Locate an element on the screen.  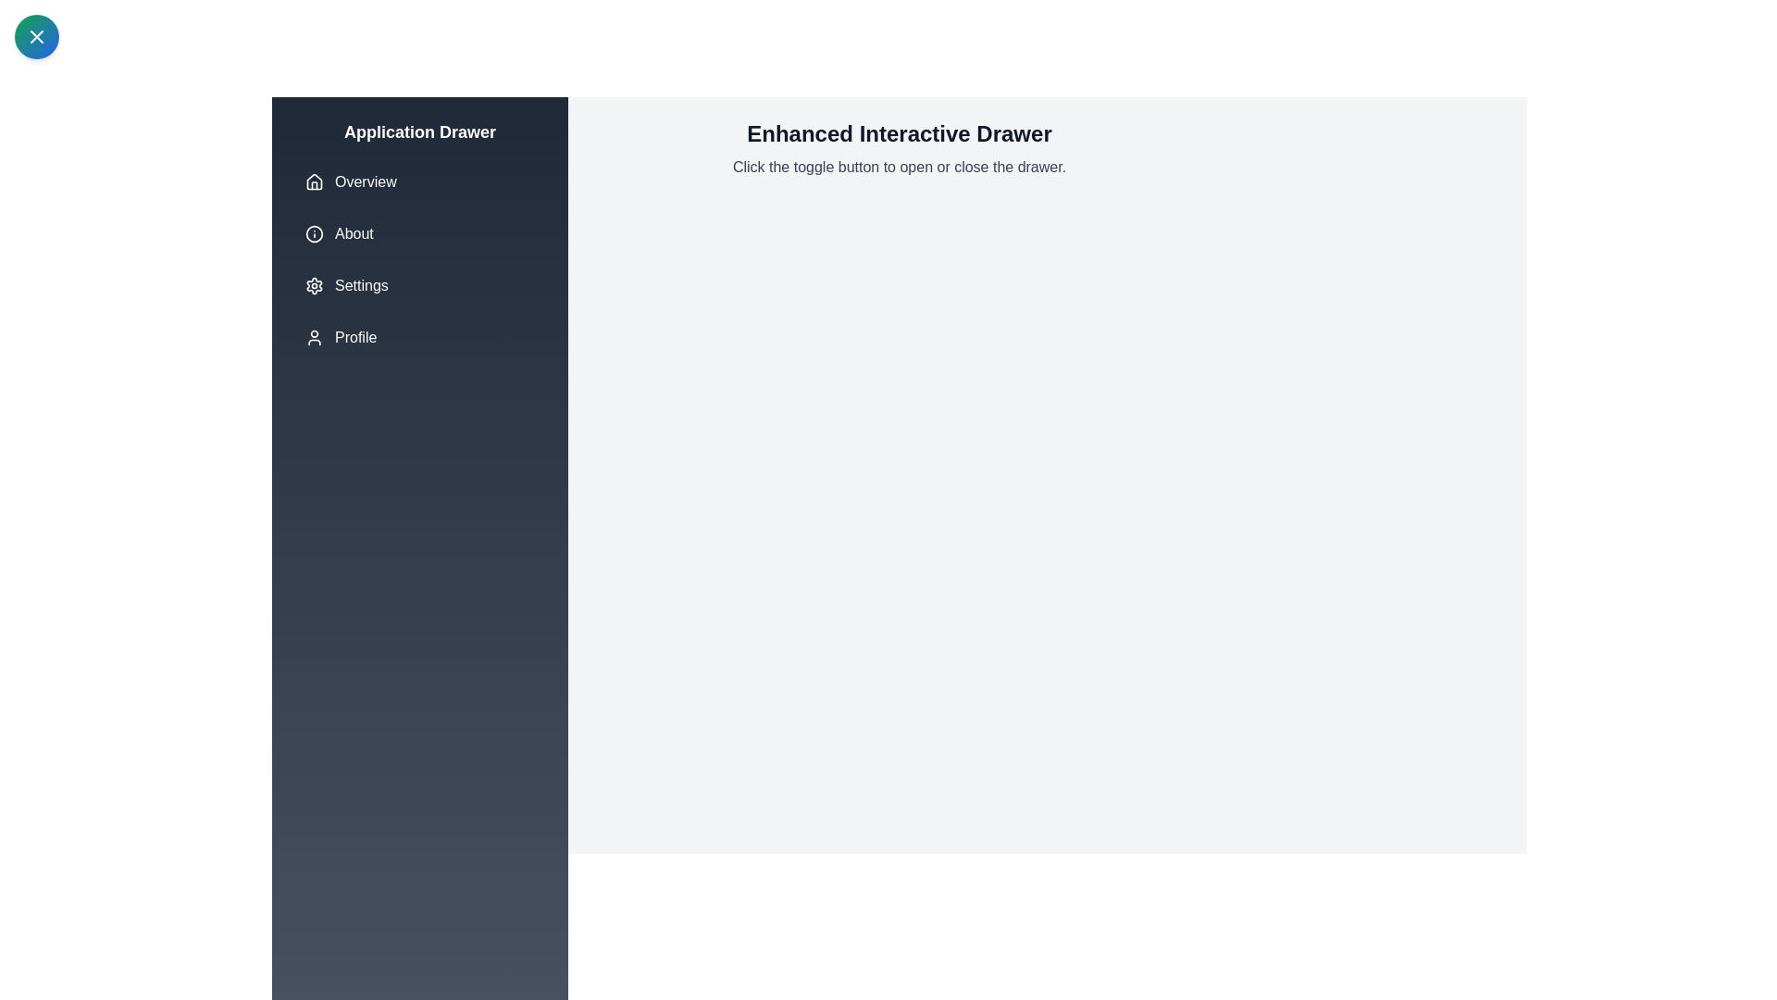
the icon associated with the menu item Settings is located at coordinates (315, 285).